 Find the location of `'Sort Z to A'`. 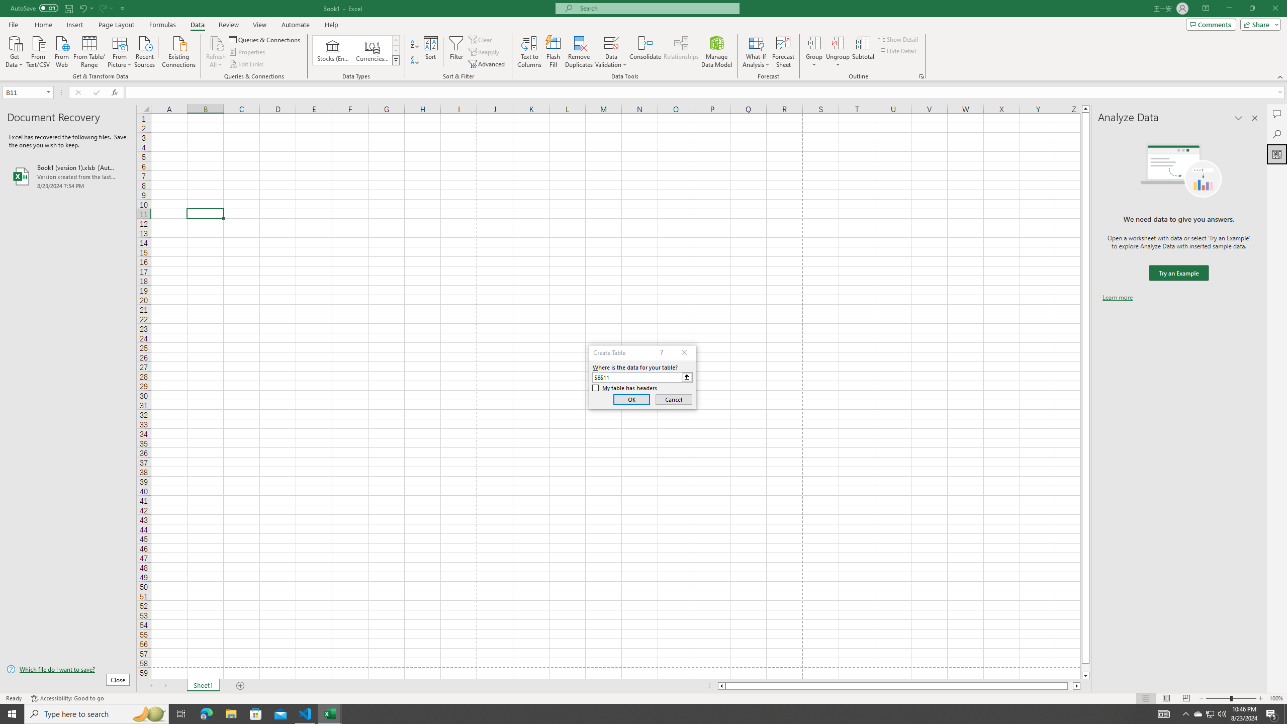

'Sort Z to A' is located at coordinates (414, 59).